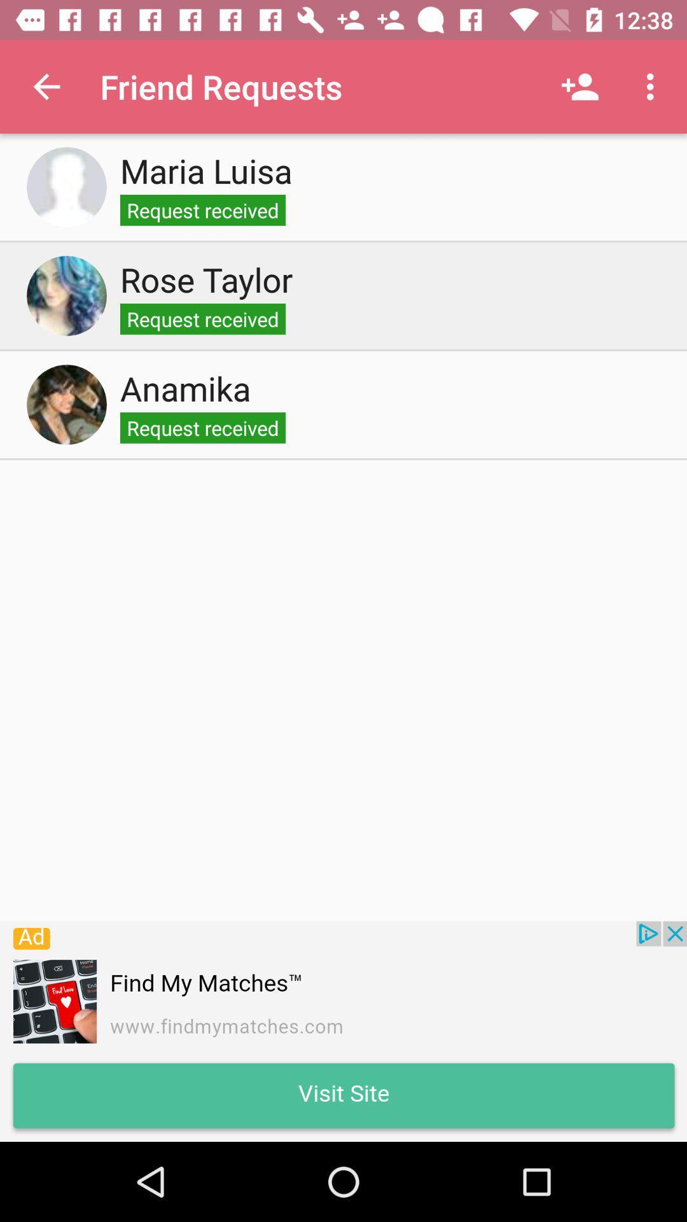 The width and height of the screenshot is (687, 1222). I want to click on to see the rose taylor profile, so click(66, 295).